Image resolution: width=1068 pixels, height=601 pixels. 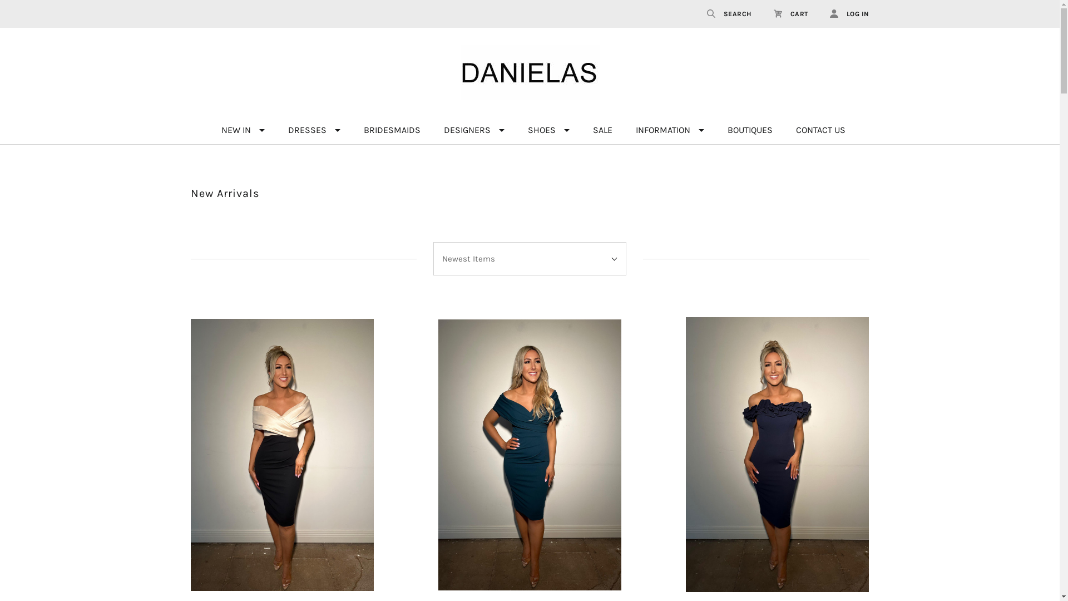 What do you see at coordinates (601, 130) in the screenshot?
I see `'SALE'` at bounding box center [601, 130].